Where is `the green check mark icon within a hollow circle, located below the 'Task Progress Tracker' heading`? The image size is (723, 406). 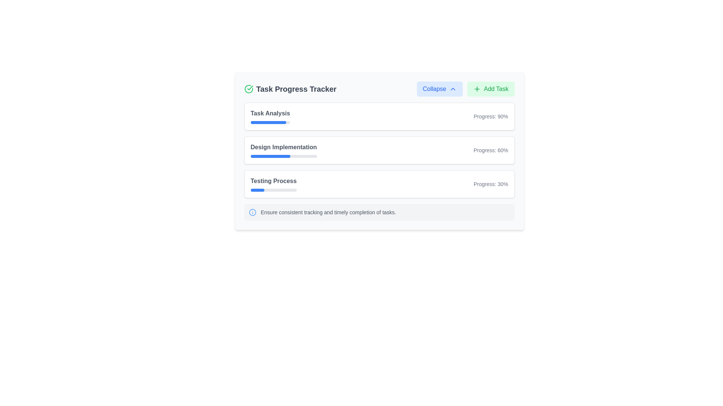 the green check mark icon within a hollow circle, located below the 'Task Progress Tracker' heading is located at coordinates (250, 88).